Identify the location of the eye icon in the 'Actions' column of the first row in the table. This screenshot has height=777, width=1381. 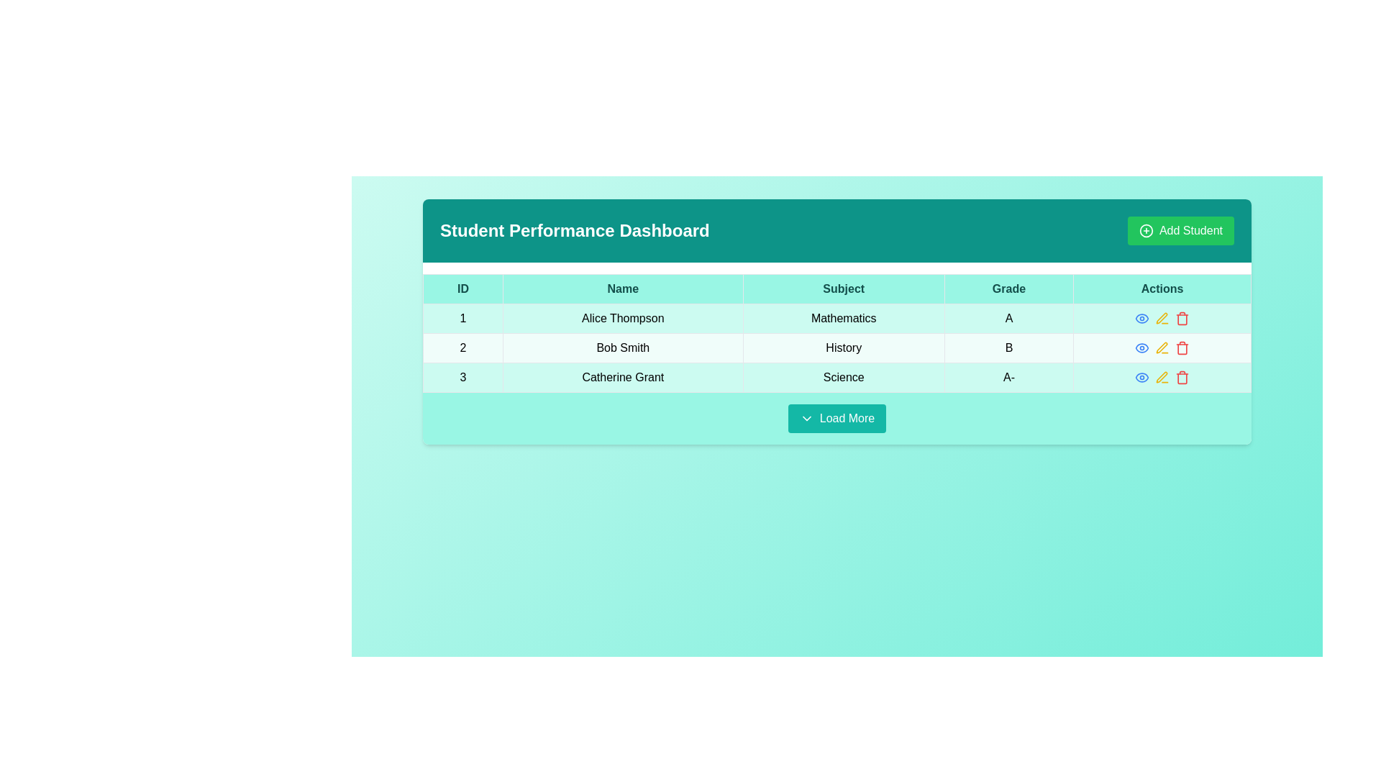
(1141, 318).